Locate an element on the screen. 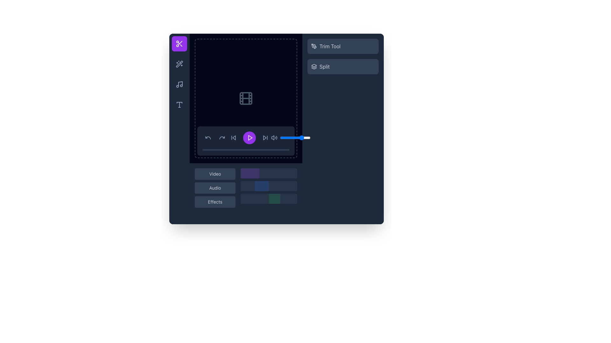  the light slate colored button with a musical note icon, which is the third button in a vertical column on the left side of the interface is located at coordinates (179, 84).